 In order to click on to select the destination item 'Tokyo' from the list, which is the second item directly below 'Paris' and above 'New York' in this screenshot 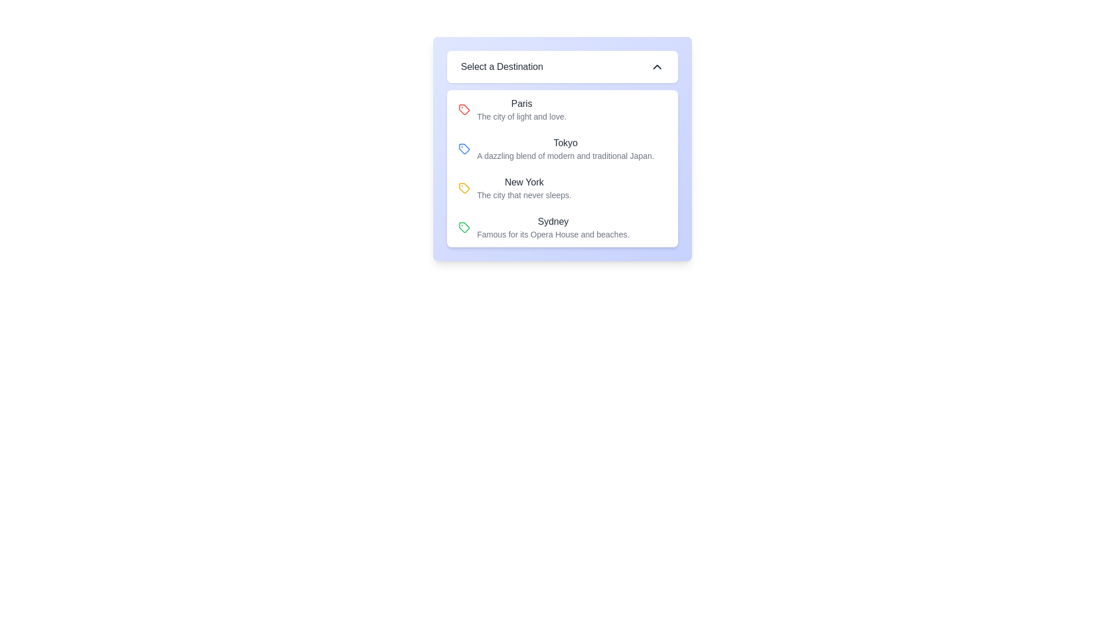, I will do `click(563, 148)`.